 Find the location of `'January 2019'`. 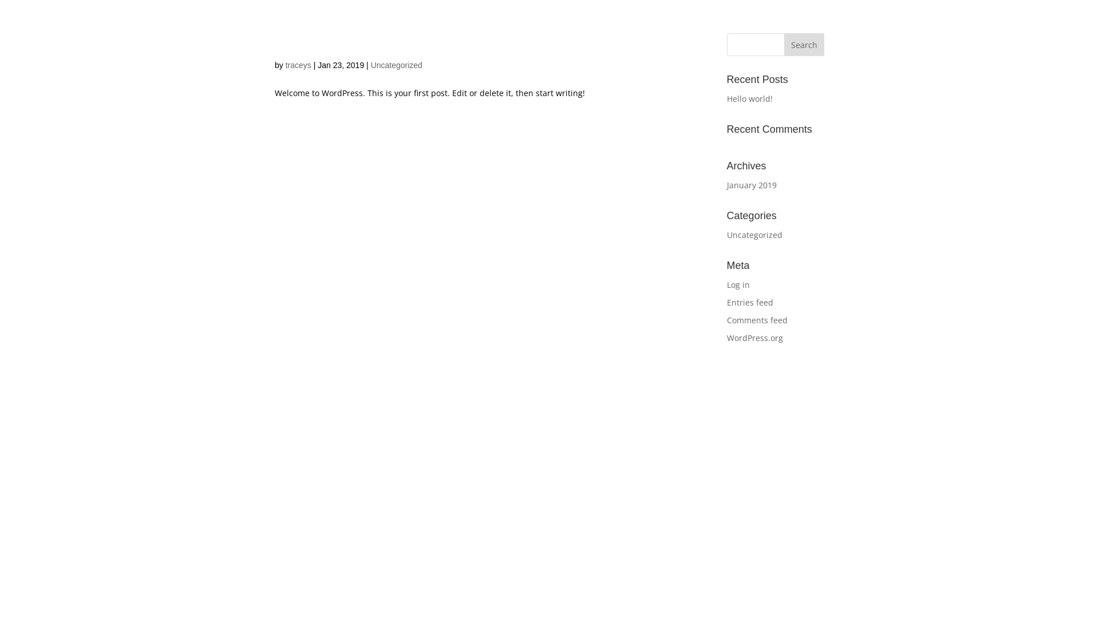

'January 2019' is located at coordinates (752, 184).